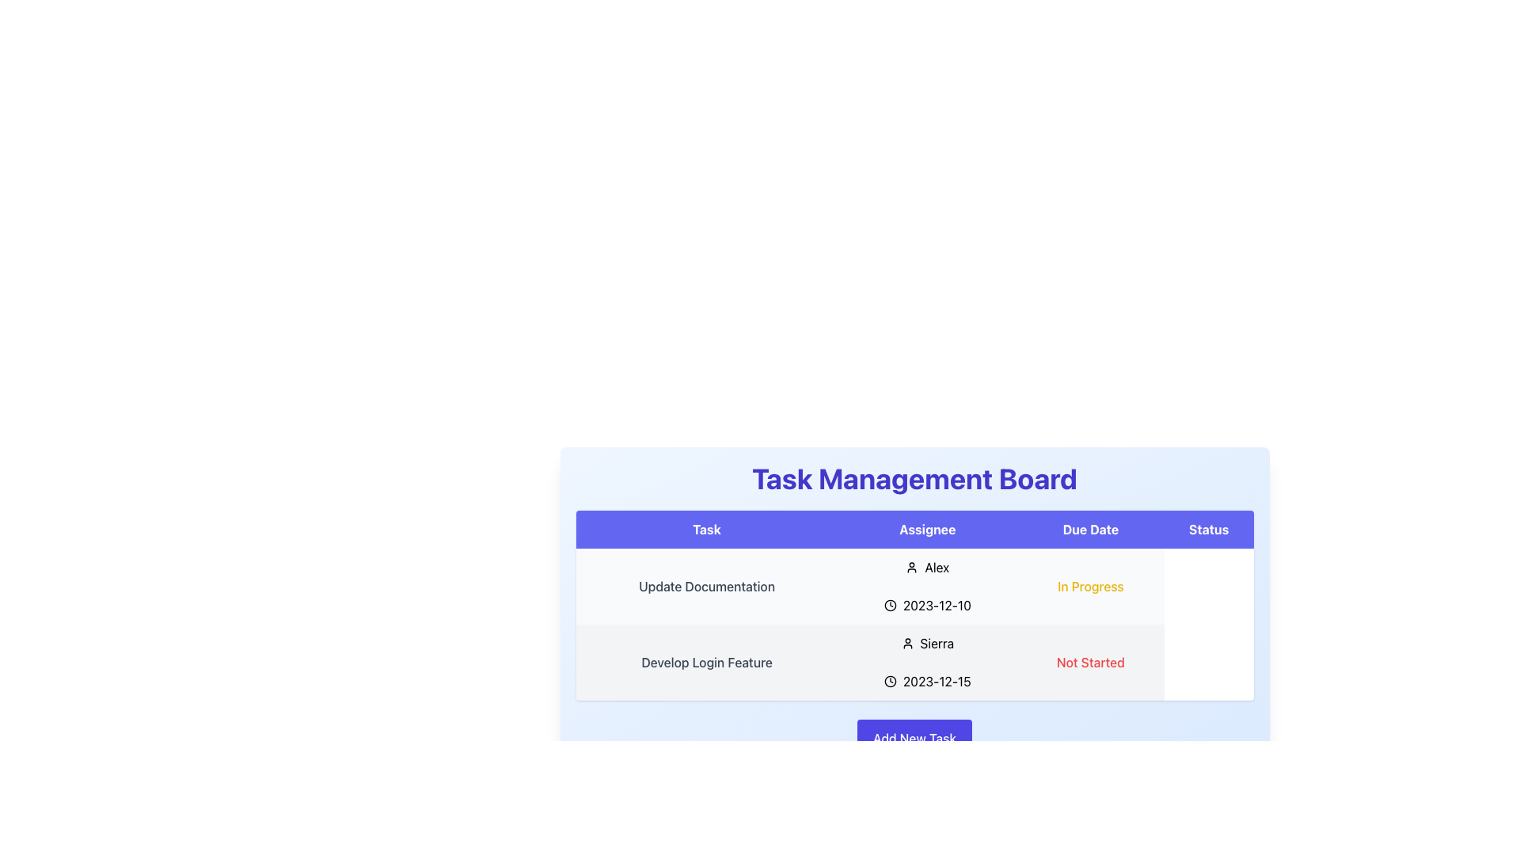 This screenshot has width=1520, height=855. Describe the element at coordinates (890, 680) in the screenshot. I see `the clock icon in the 'Due Date' column that indicates the due date for the task on the management board` at that location.